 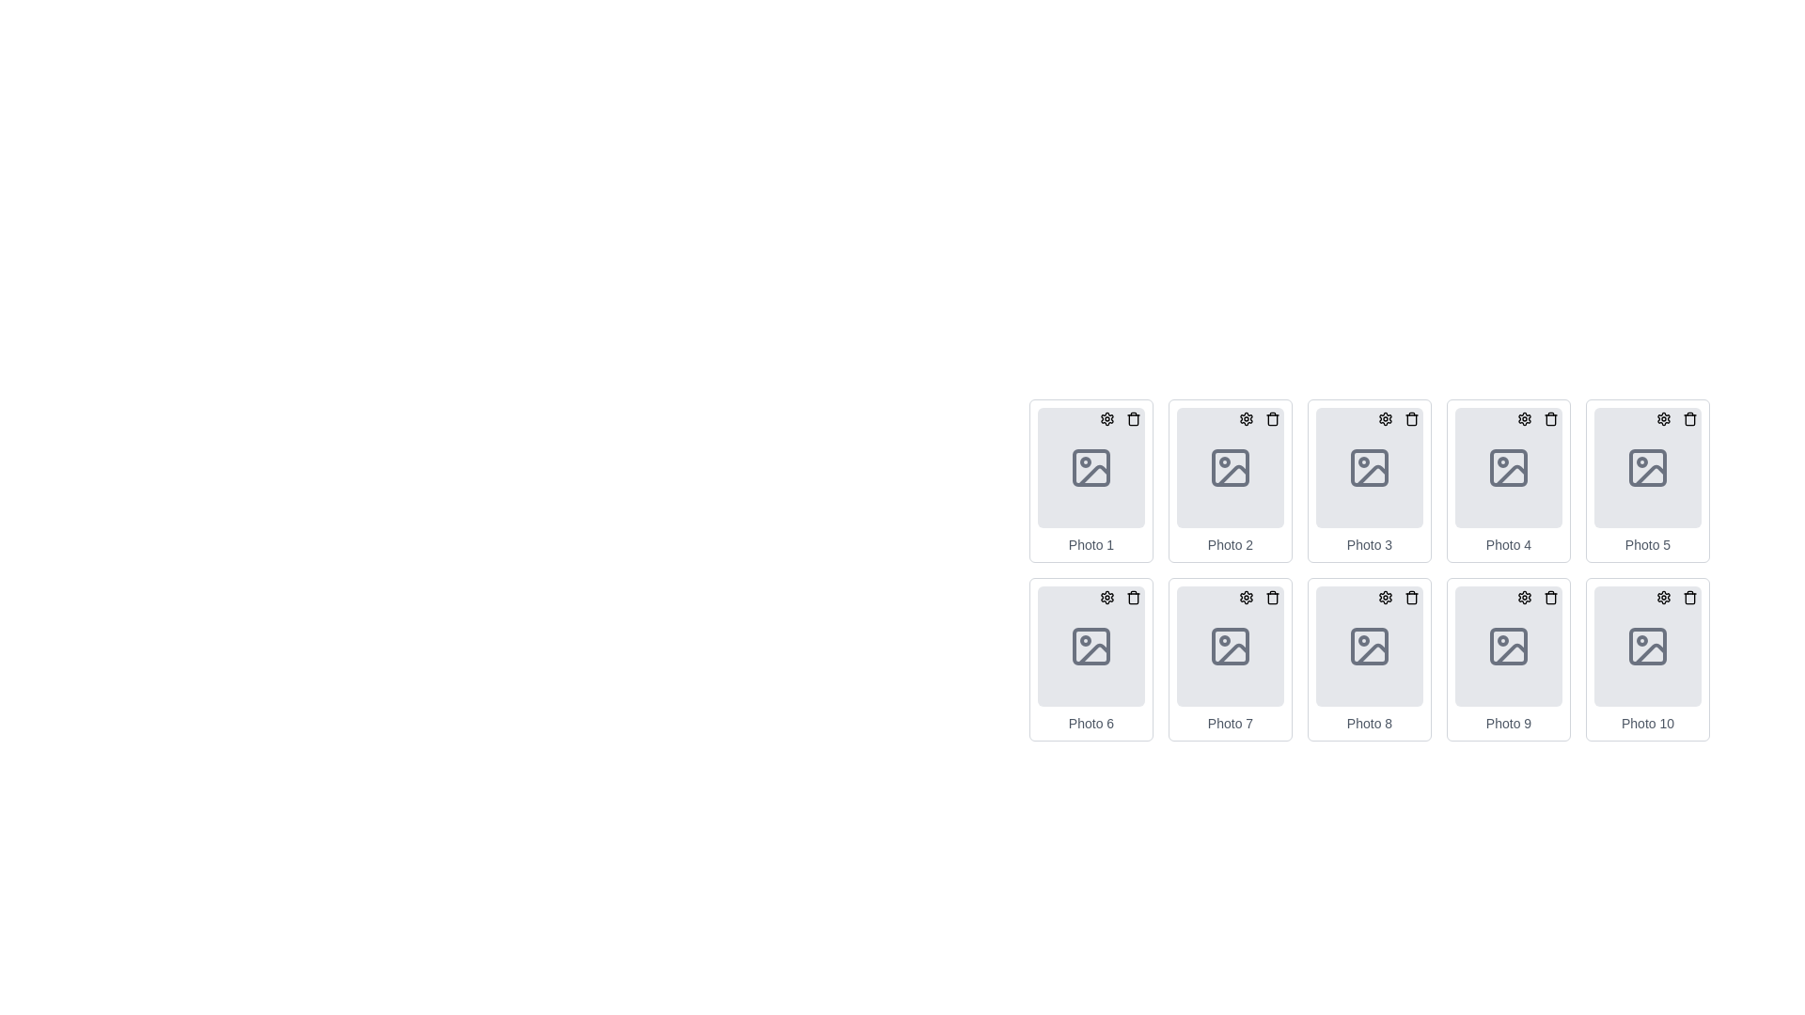 I want to click on the delete button located at the top-right corner of the card labeled 'Photo 4' to possibly reveal additional information or a tooltip, so click(x=1551, y=418).